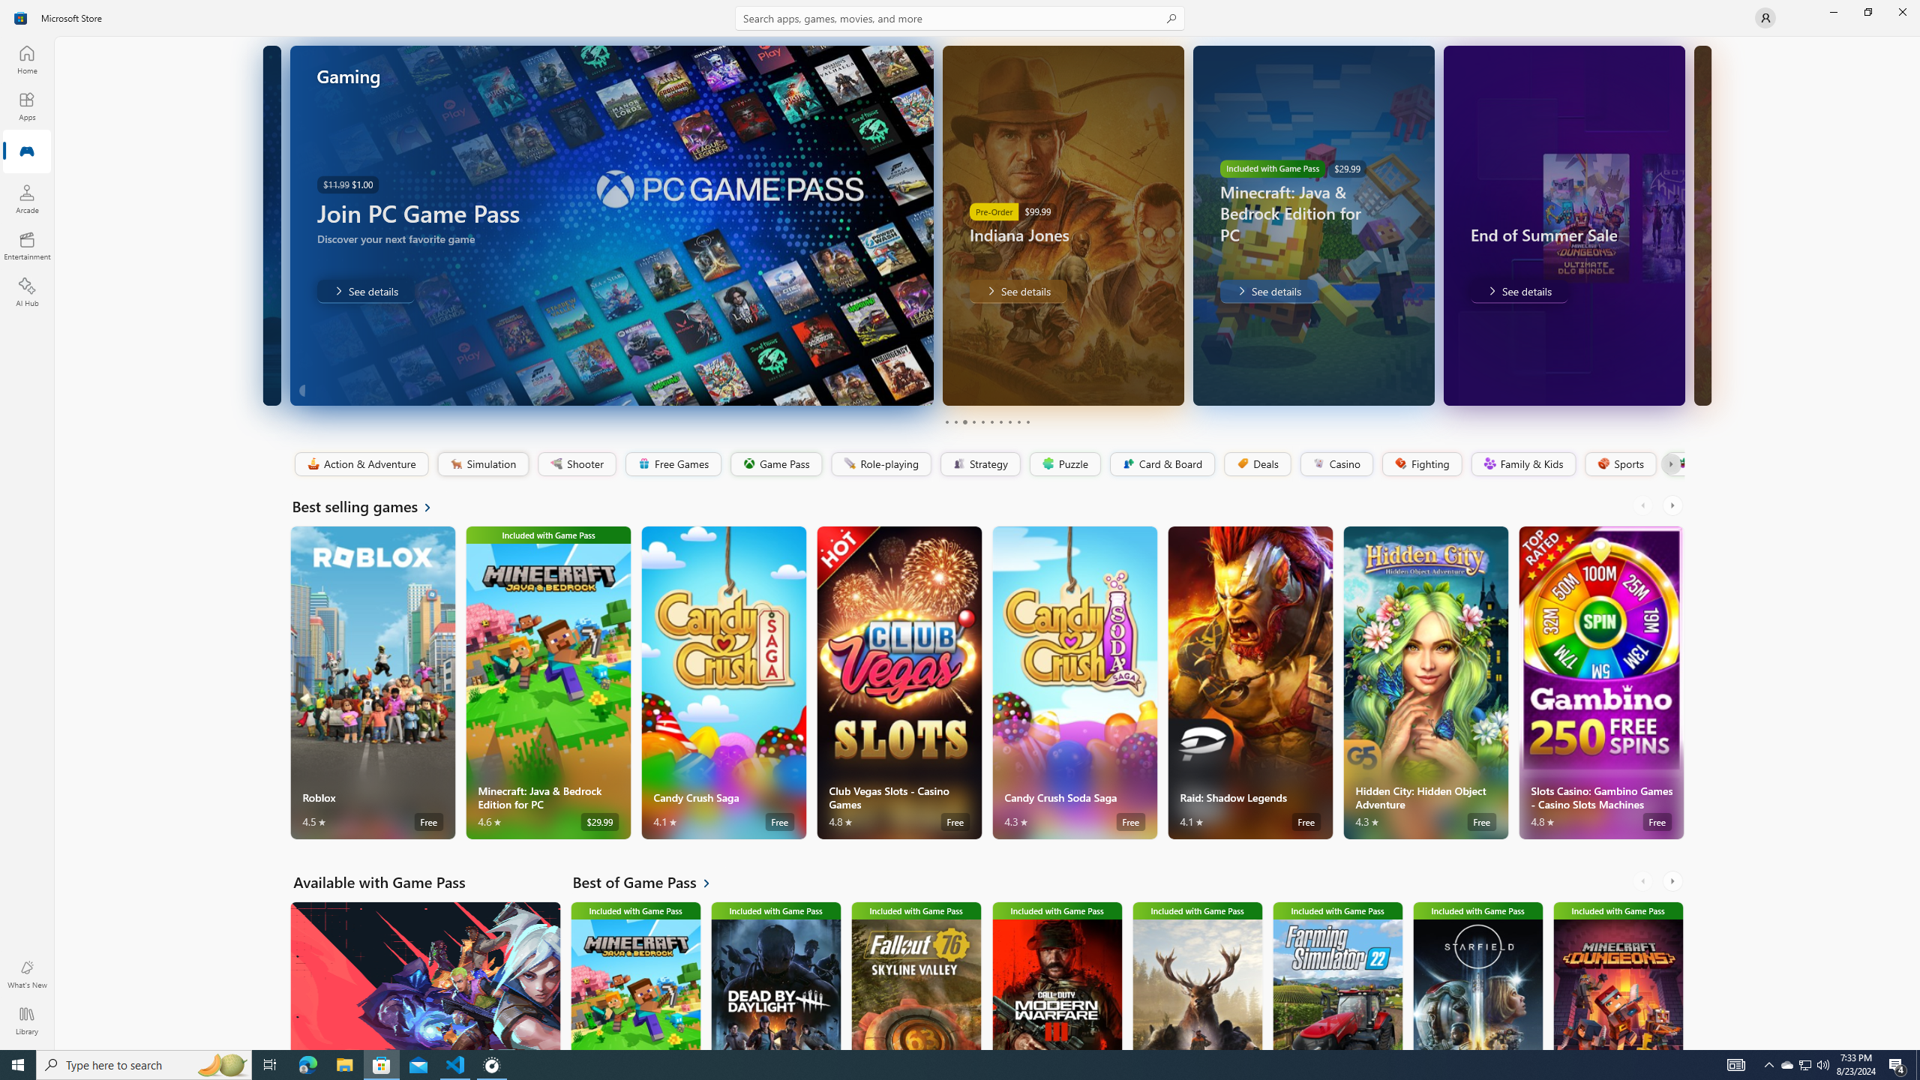 Image resolution: width=1920 pixels, height=1080 pixels. What do you see at coordinates (960, 17) in the screenshot?
I see `'Search'` at bounding box center [960, 17].